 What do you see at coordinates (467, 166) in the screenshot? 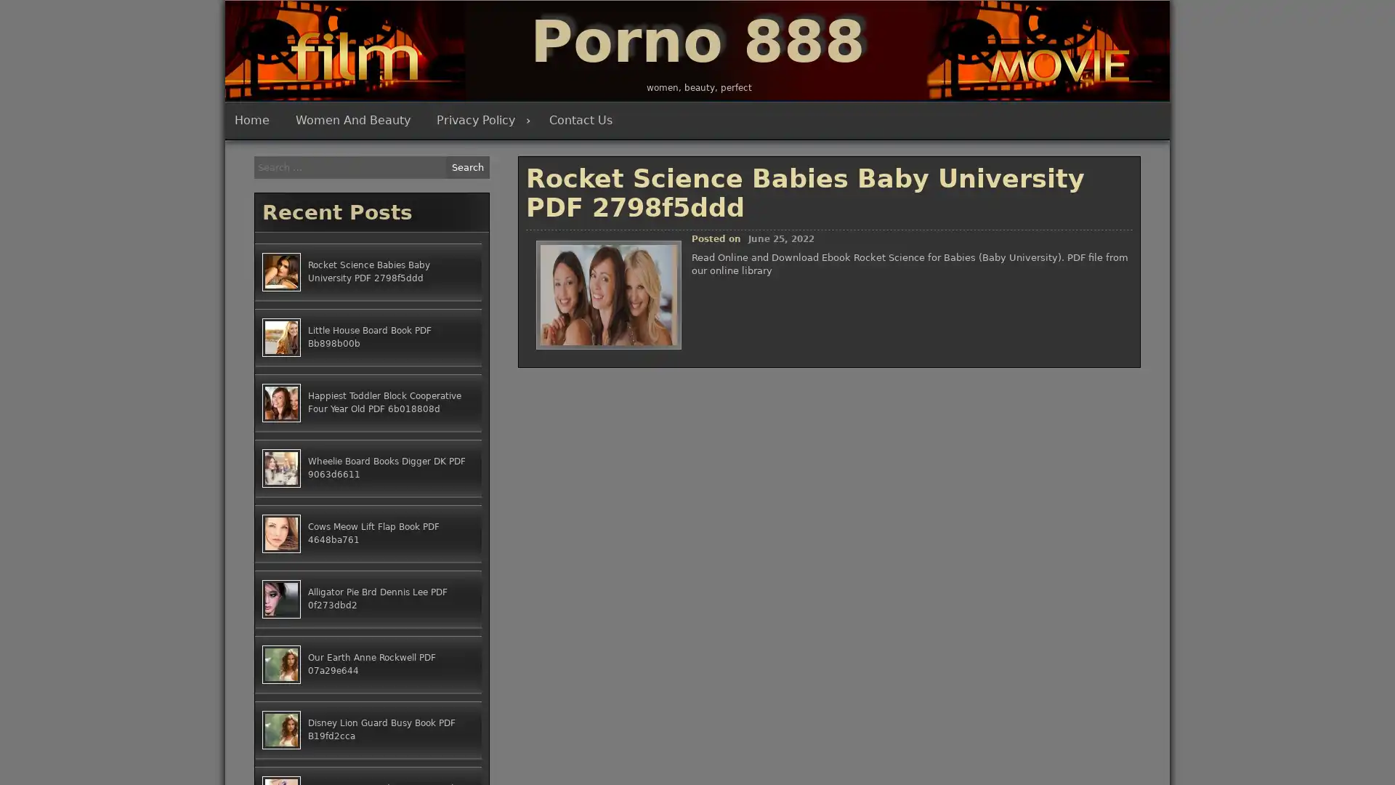
I see `Search` at bounding box center [467, 166].